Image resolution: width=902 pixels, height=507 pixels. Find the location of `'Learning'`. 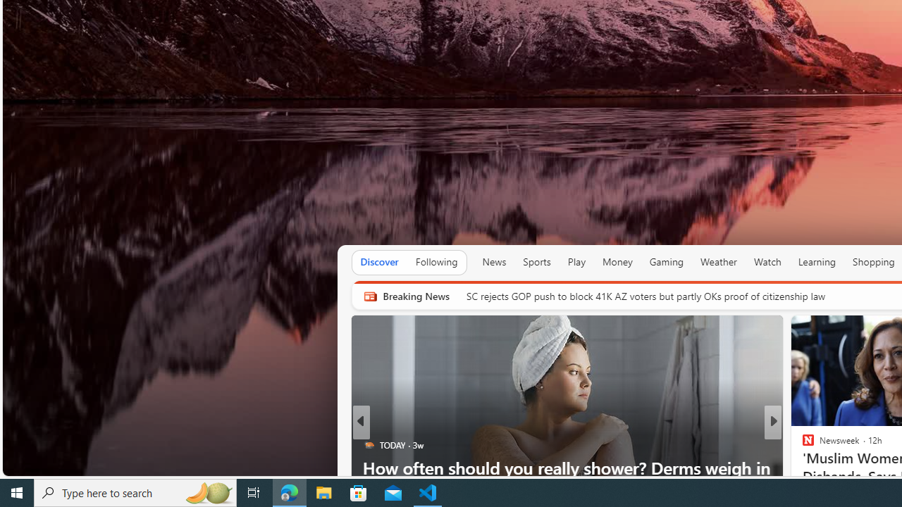

'Learning' is located at coordinates (817, 261).